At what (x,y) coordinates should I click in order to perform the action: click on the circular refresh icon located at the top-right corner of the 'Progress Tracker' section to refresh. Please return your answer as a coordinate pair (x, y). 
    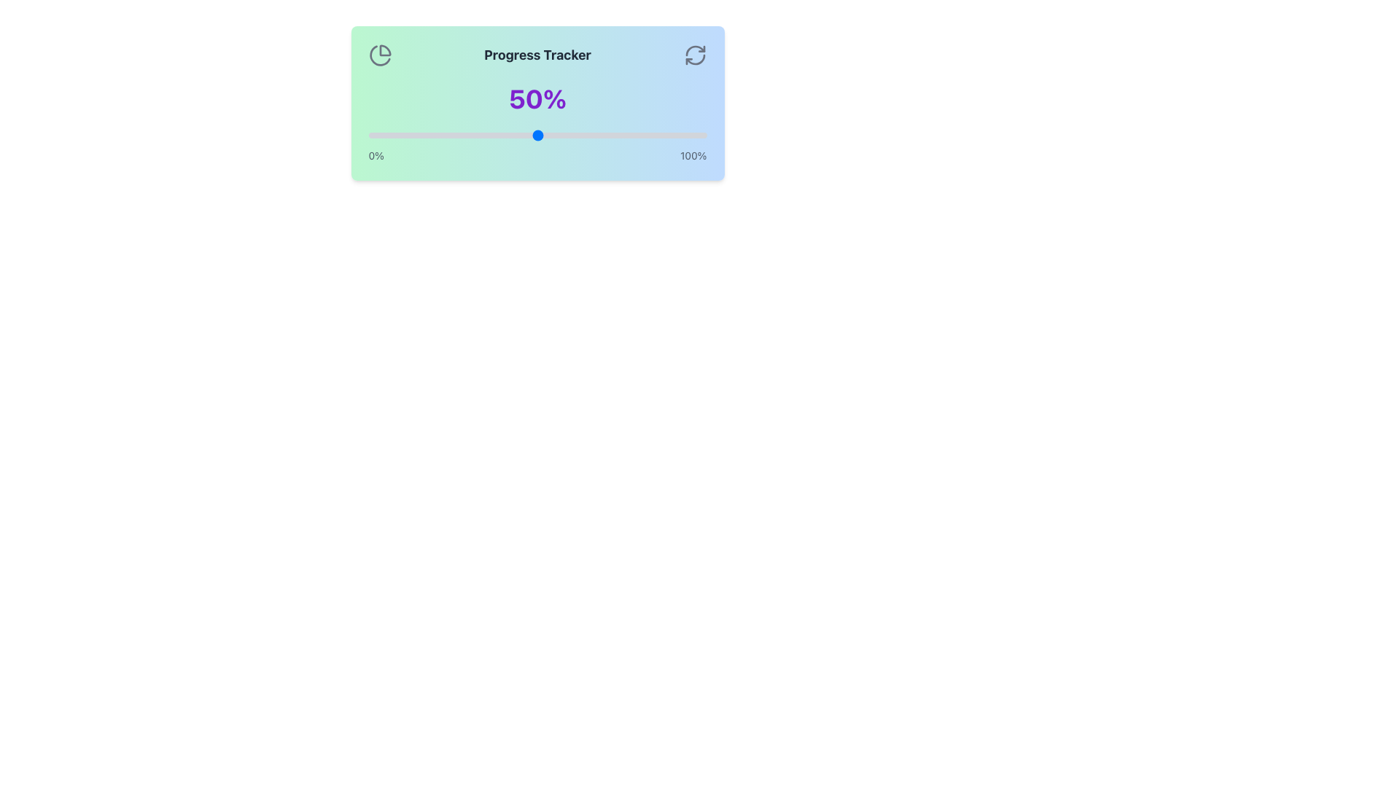
    Looking at the image, I should click on (694, 55).